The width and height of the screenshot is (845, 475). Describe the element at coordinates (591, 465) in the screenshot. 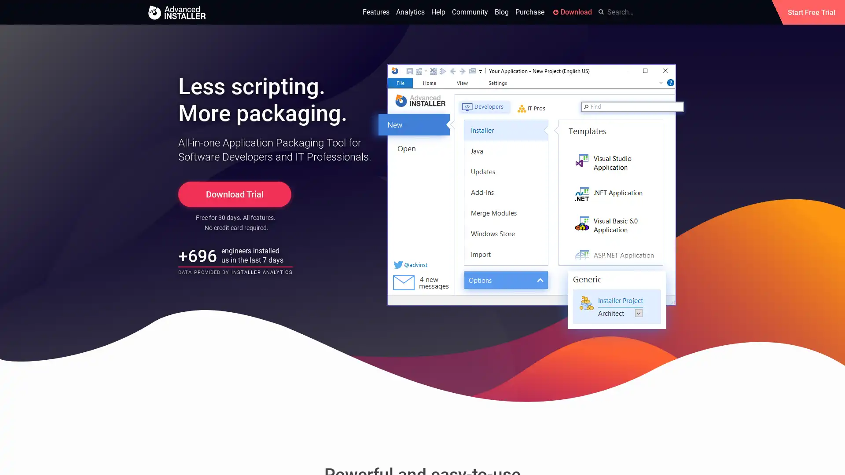

I see `Okay, got it` at that location.